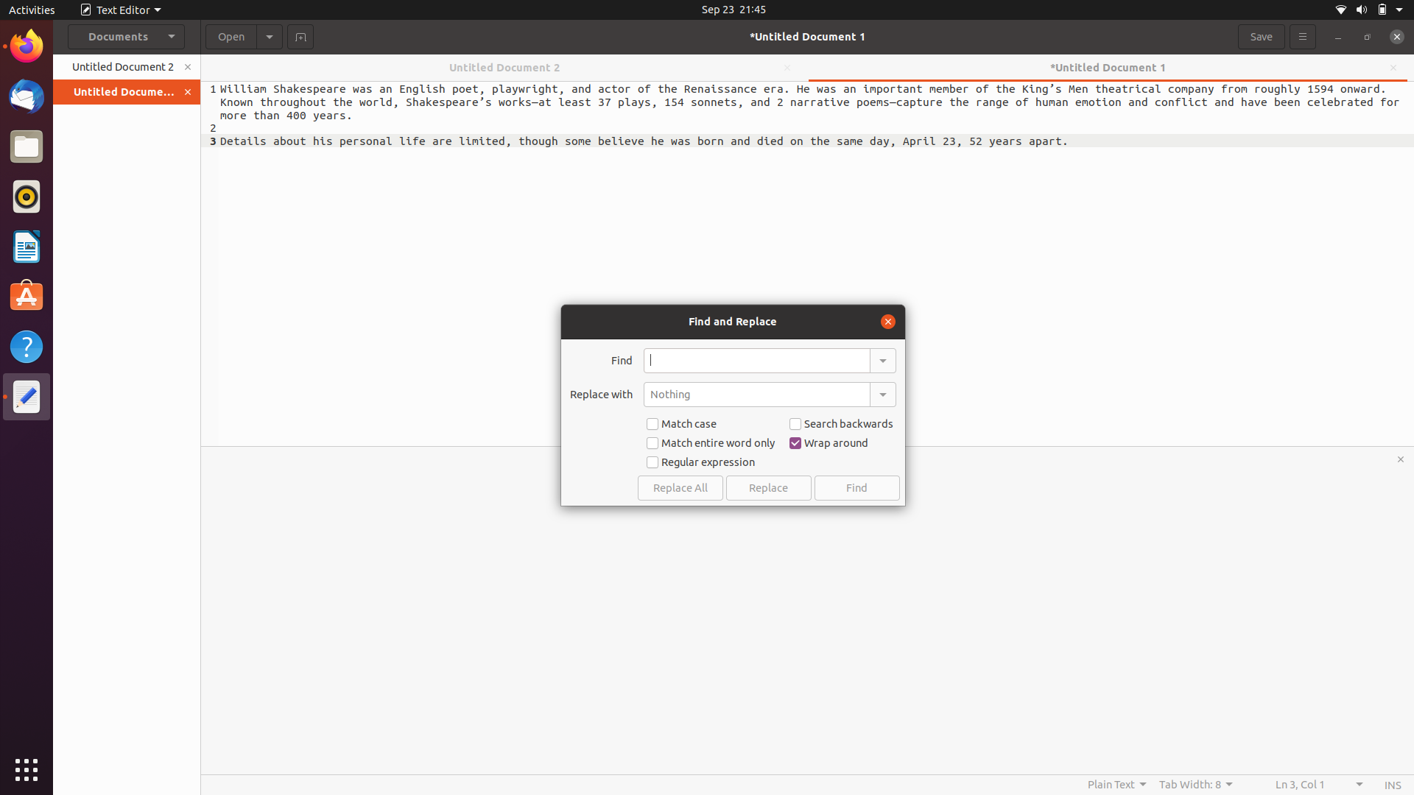 The width and height of the screenshot is (1414, 795). Describe the element at coordinates (756, 360) in the screenshot. I see `Search for anywords that begin with "an" in this file` at that location.